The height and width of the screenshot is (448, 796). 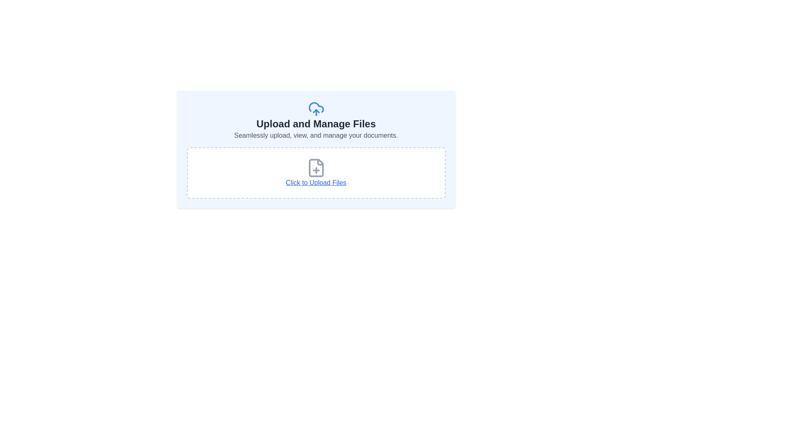 What do you see at coordinates (315, 172) in the screenshot?
I see `the File upload button within the 'Upload and Manage Files' card` at bounding box center [315, 172].